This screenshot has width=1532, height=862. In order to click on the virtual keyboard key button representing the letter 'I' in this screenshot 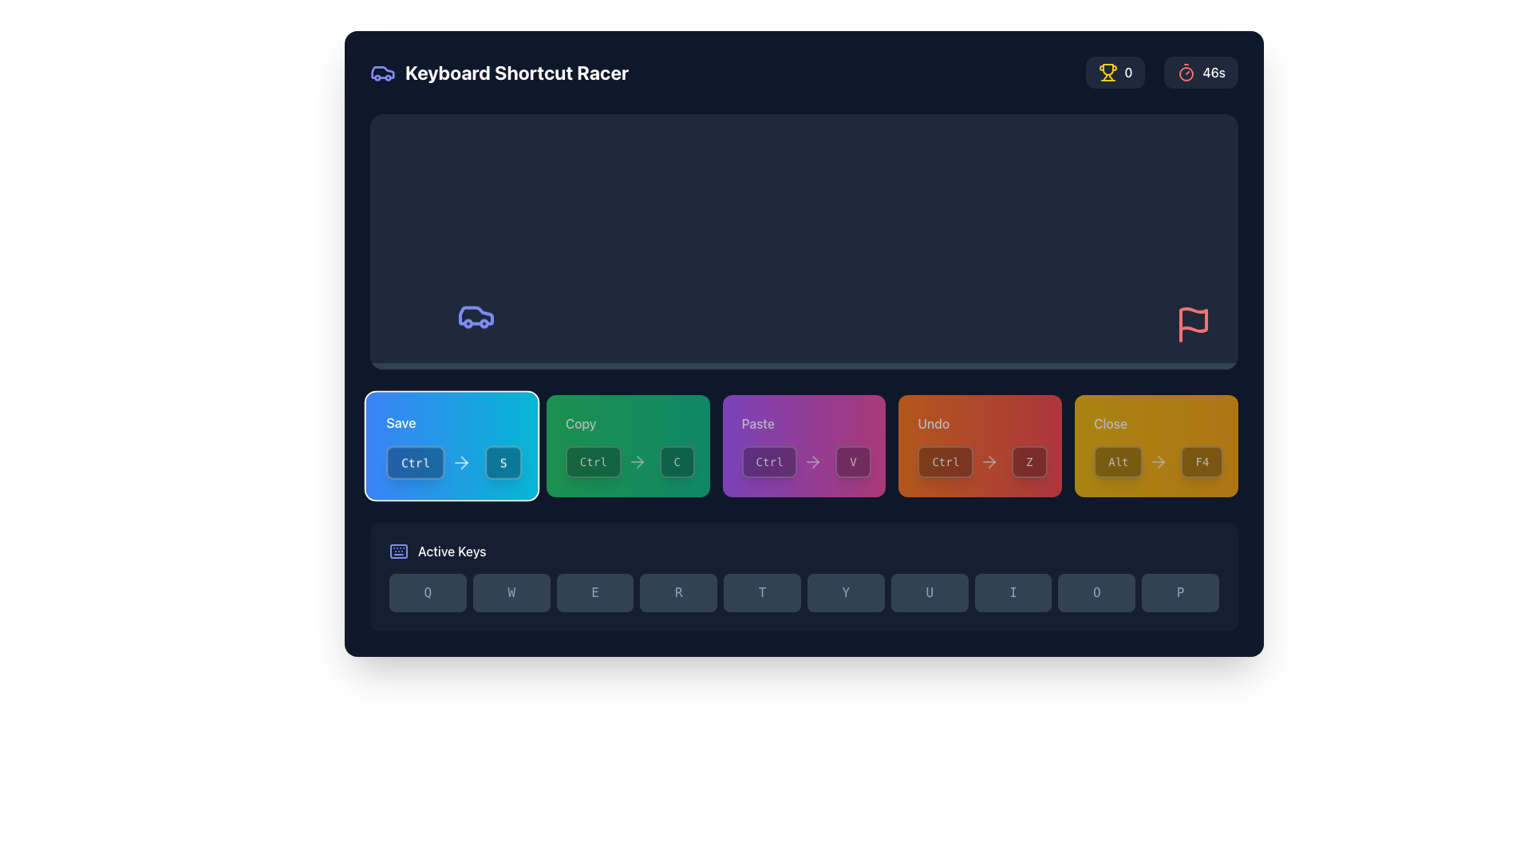, I will do `click(1013, 593)`.